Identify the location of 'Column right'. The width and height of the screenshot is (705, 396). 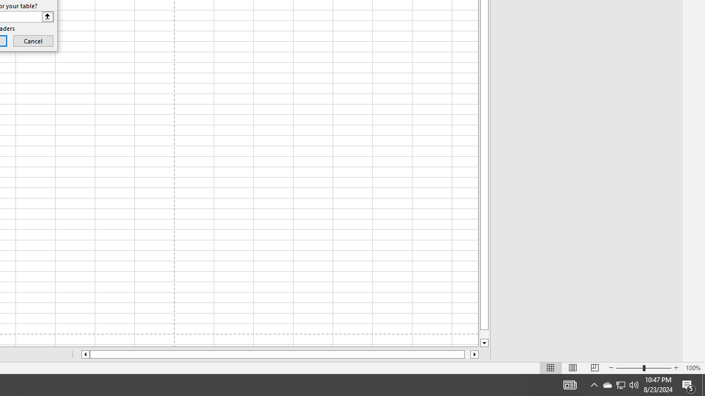
(475, 354).